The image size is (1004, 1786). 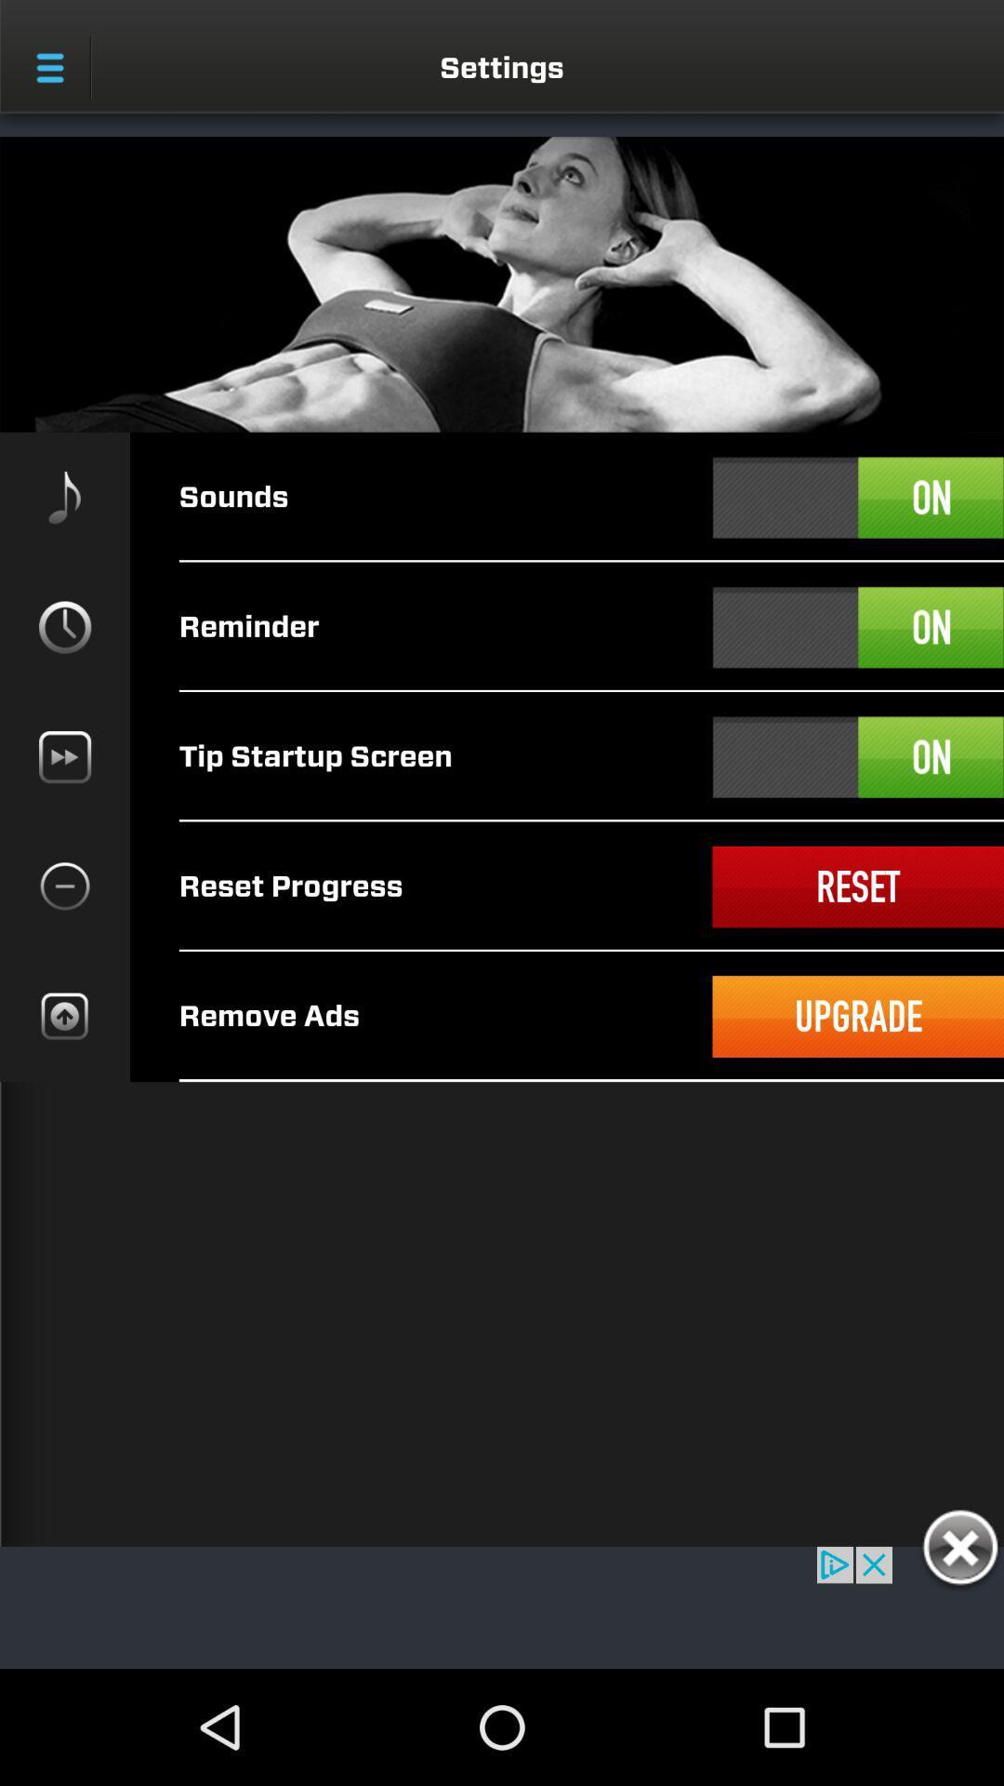 I want to click on gulas patan, so click(x=959, y=1551).